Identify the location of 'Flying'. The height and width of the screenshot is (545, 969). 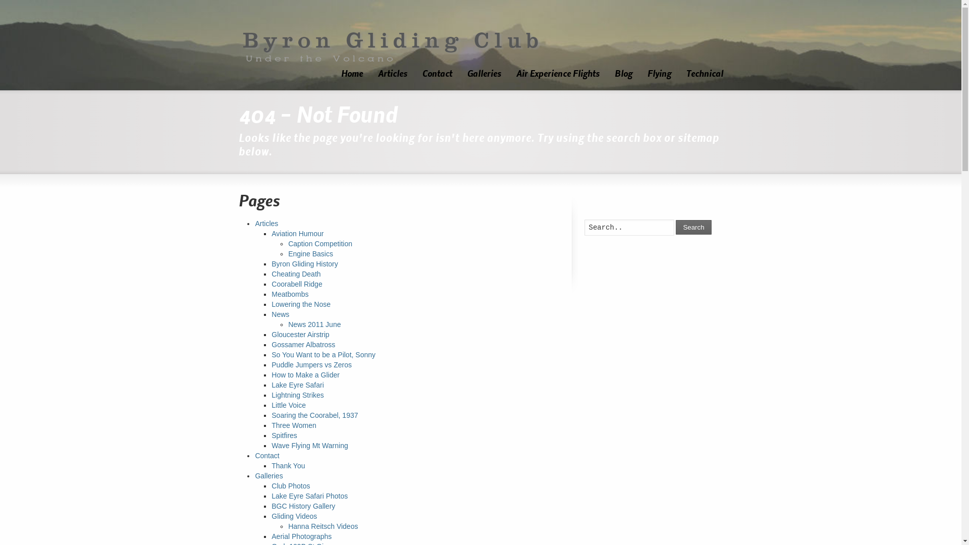
(639, 75).